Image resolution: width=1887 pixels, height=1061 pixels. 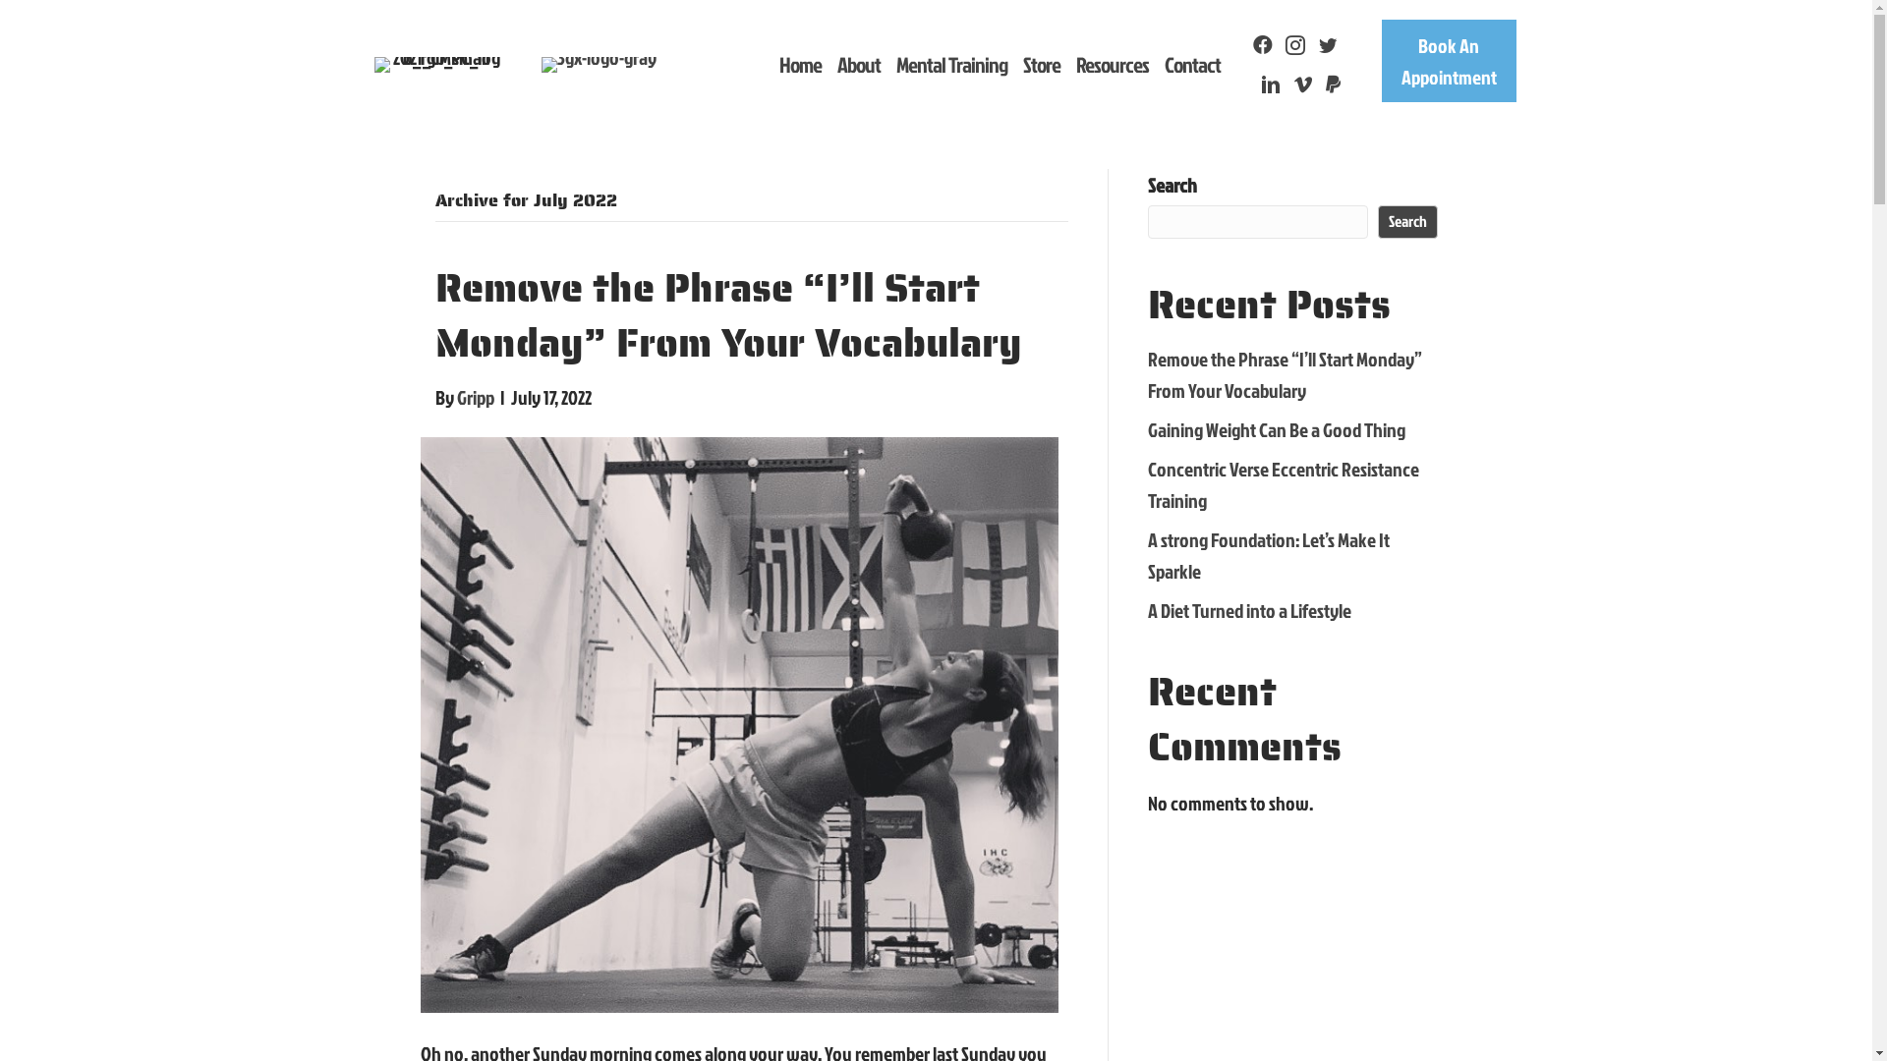 What do you see at coordinates (1191, 63) in the screenshot?
I see `'Contact'` at bounding box center [1191, 63].